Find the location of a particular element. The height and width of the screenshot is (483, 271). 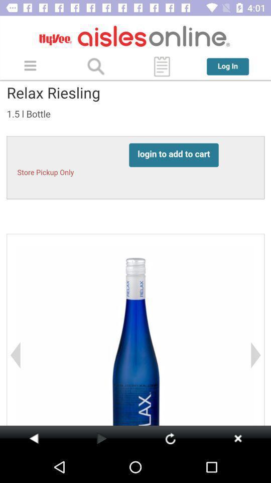

go back is located at coordinates (34, 438).